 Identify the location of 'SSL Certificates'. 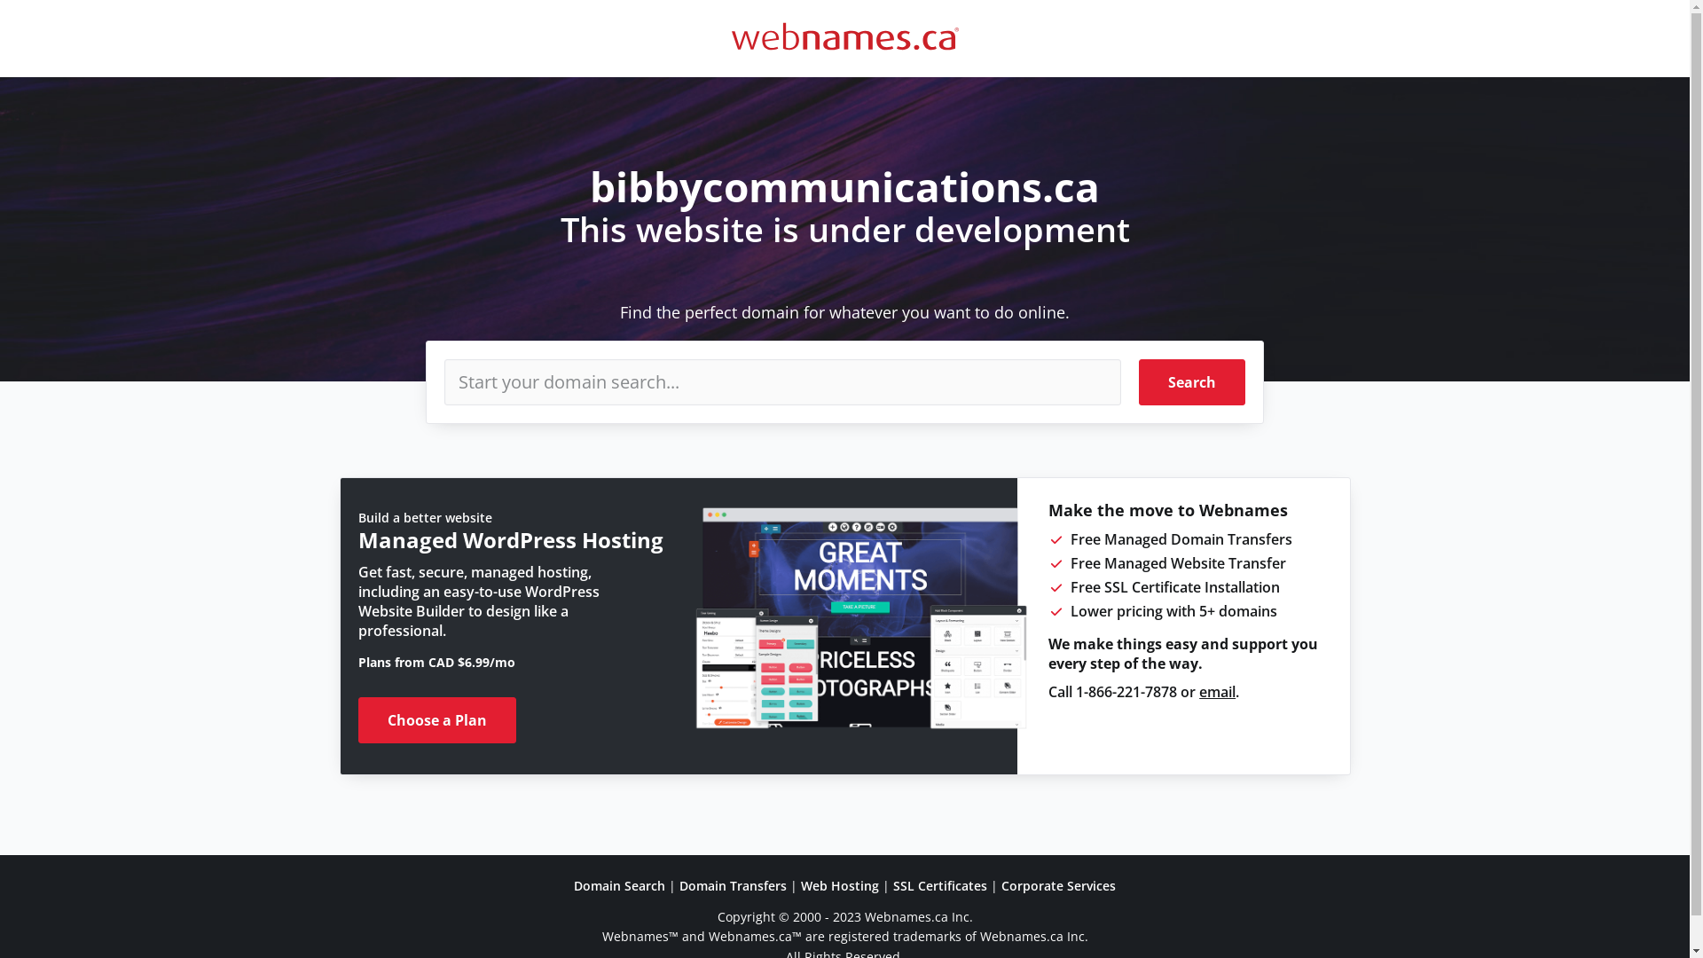
(939, 885).